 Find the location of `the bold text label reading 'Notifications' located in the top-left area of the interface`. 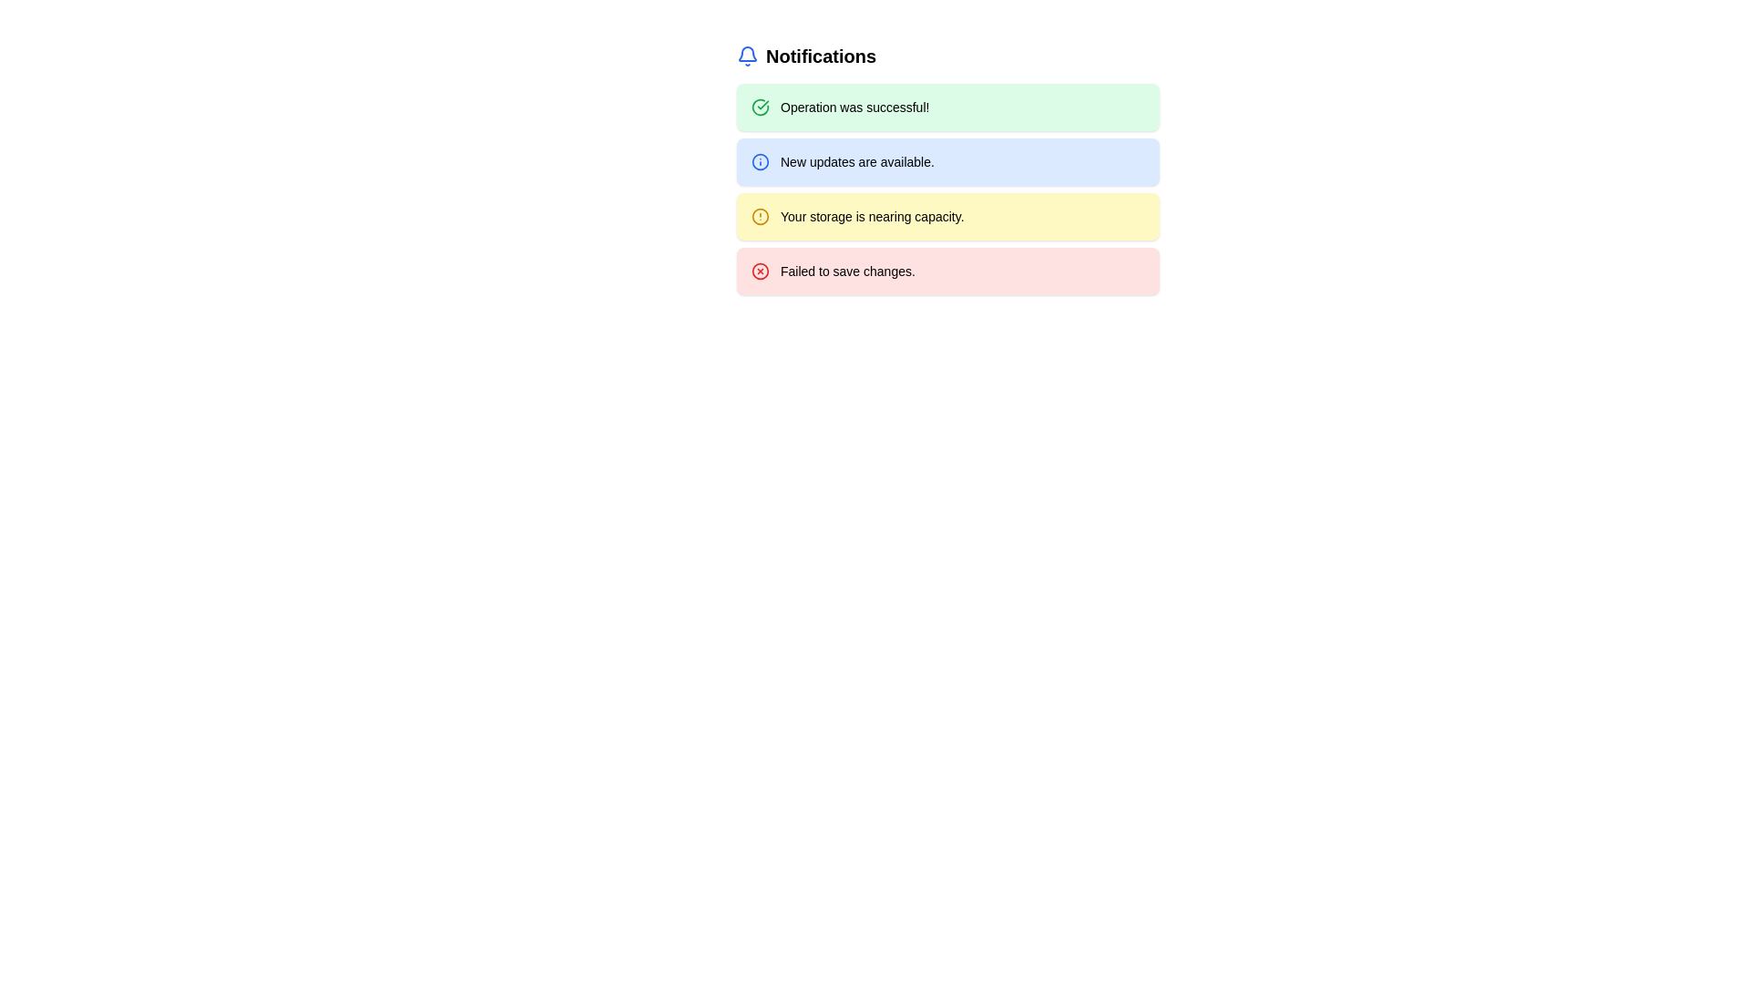

the bold text label reading 'Notifications' located in the top-left area of the interface is located at coordinates (820, 55).